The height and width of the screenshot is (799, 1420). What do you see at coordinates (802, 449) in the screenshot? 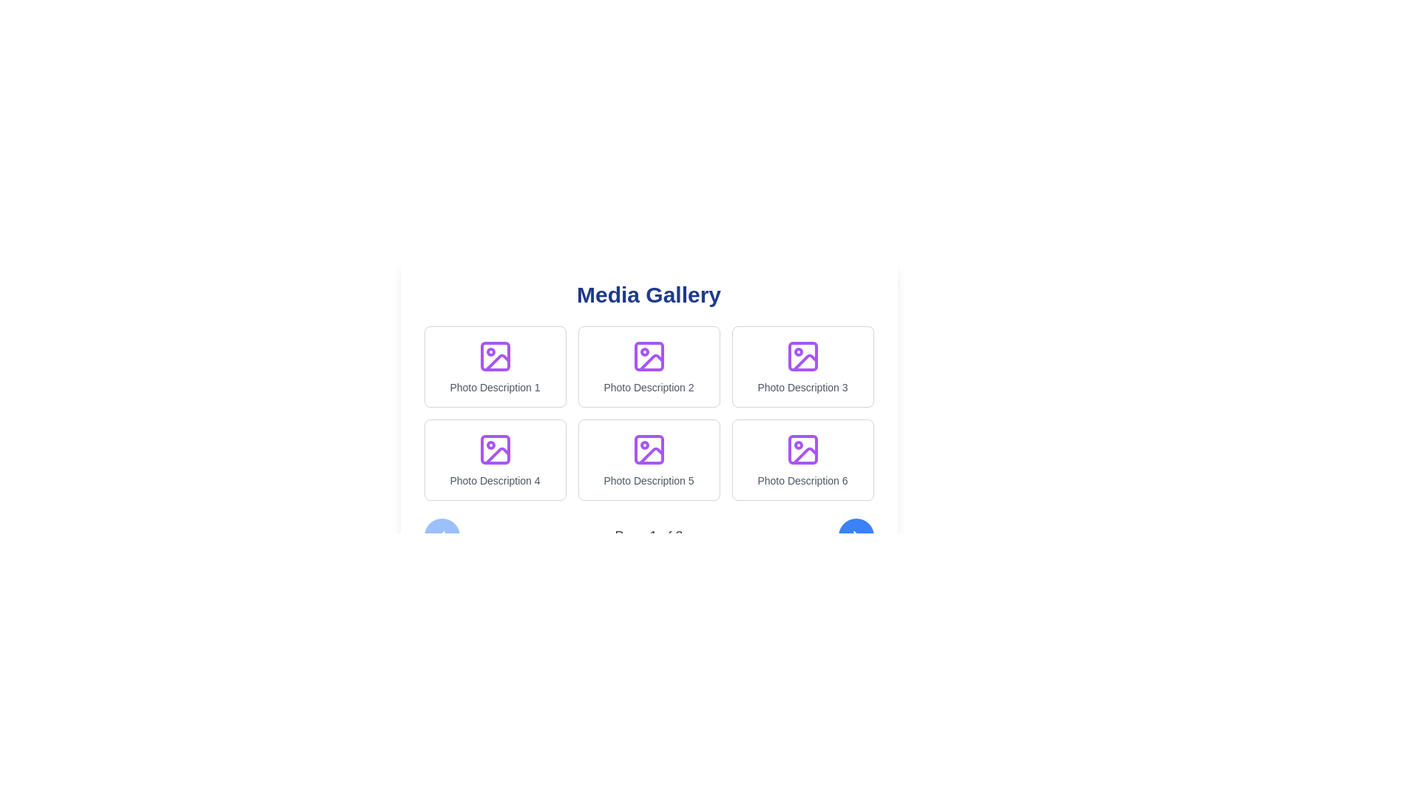
I see `the decorative graphical component located in the bottom-right icon of the grid under the 'Photo Description 6' label` at bounding box center [802, 449].